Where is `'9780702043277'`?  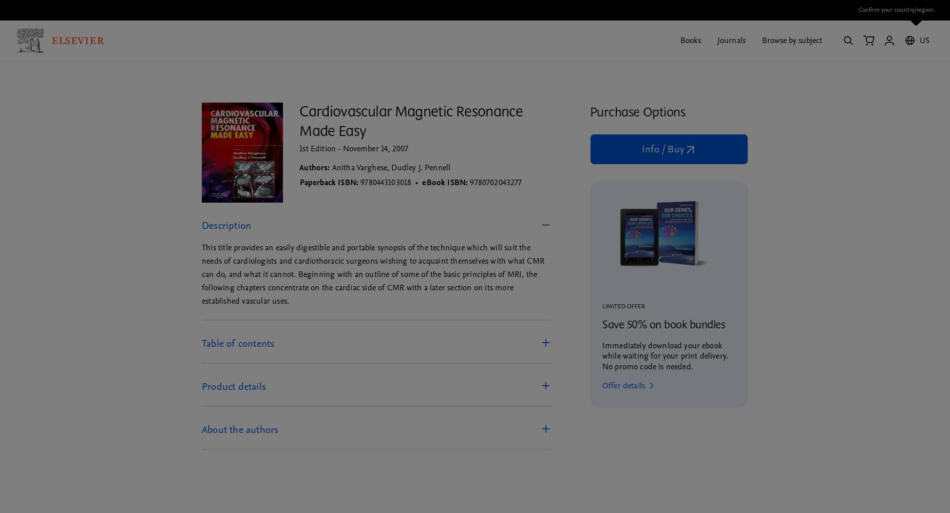 '9780702043277' is located at coordinates (495, 182).